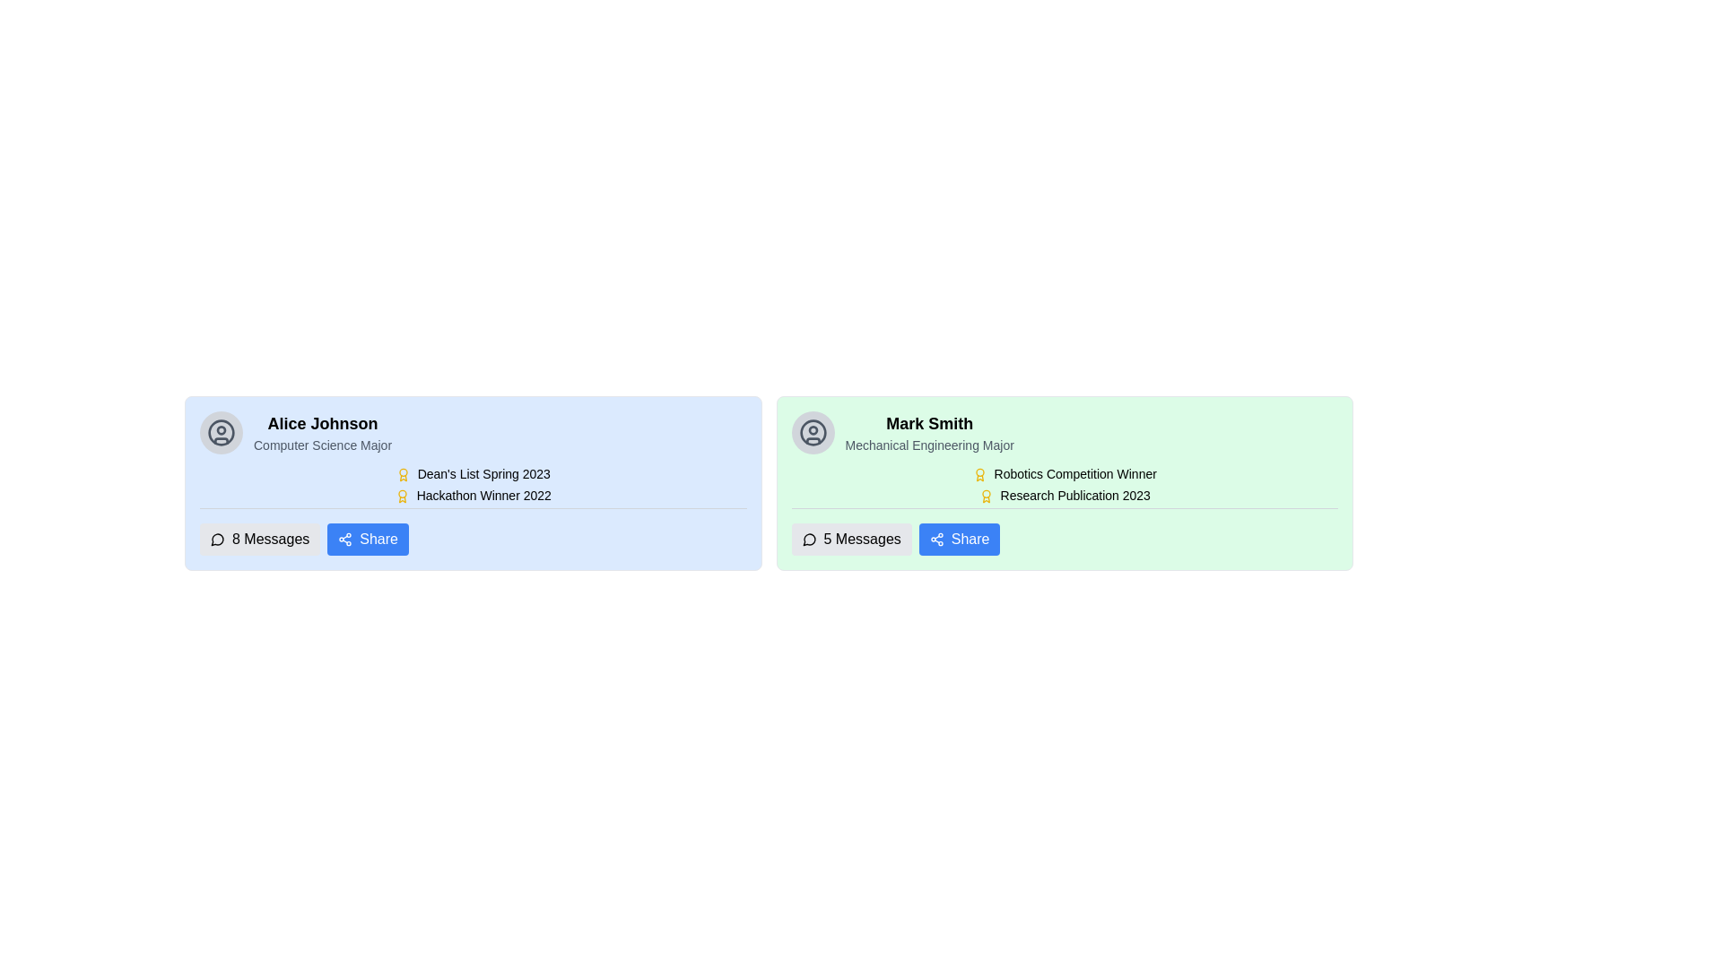  Describe the element at coordinates (402, 474) in the screenshot. I see `the decorative award medal icon located to the left of the 'Dean's List Spring 2023' text in Alice Johnson's profile details` at that location.